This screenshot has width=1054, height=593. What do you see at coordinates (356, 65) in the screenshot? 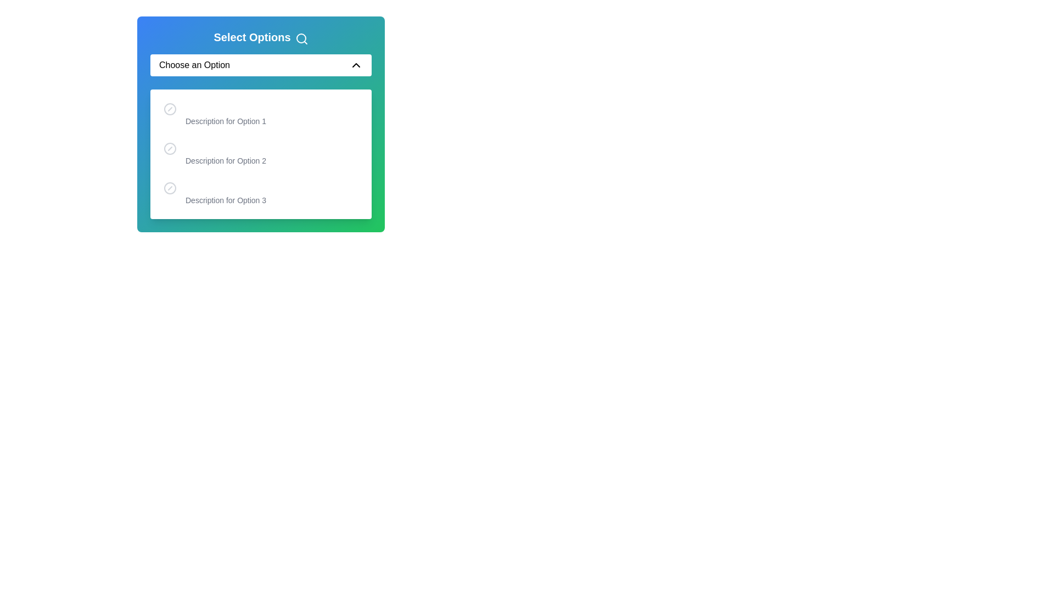
I see `the Chevron icon located at the top-right corner of the 'Choose an Option' dropdown field` at bounding box center [356, 65].